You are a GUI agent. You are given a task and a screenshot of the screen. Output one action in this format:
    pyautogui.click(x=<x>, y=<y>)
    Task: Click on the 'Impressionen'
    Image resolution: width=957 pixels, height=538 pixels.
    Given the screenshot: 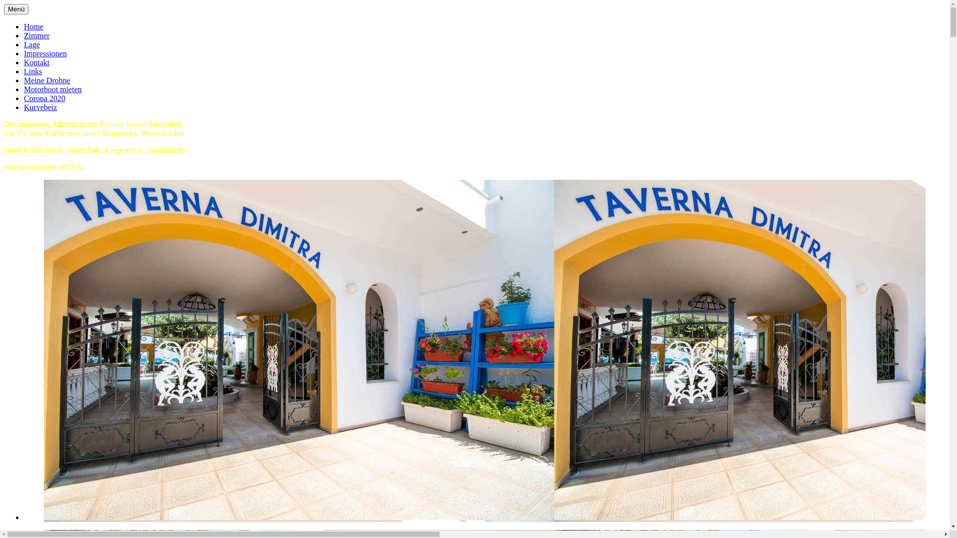 What is the action you would take?
    pyautogui.click(x=45, y=53)
    